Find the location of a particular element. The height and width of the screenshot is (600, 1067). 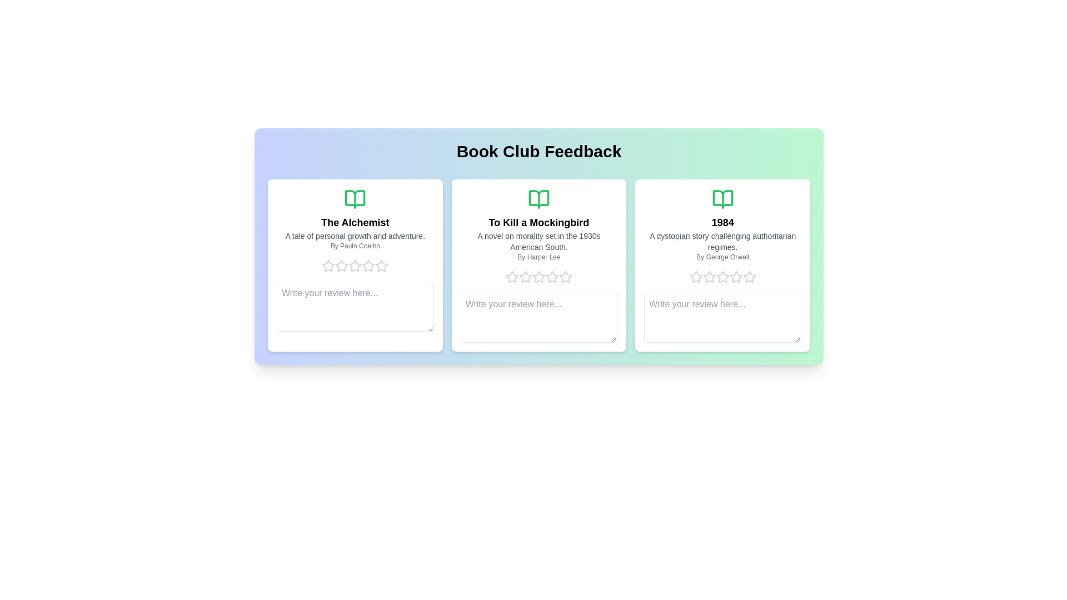

one of the rating stars below the subtitle 'By Harper Lee' is located at coordinates (539, 276).